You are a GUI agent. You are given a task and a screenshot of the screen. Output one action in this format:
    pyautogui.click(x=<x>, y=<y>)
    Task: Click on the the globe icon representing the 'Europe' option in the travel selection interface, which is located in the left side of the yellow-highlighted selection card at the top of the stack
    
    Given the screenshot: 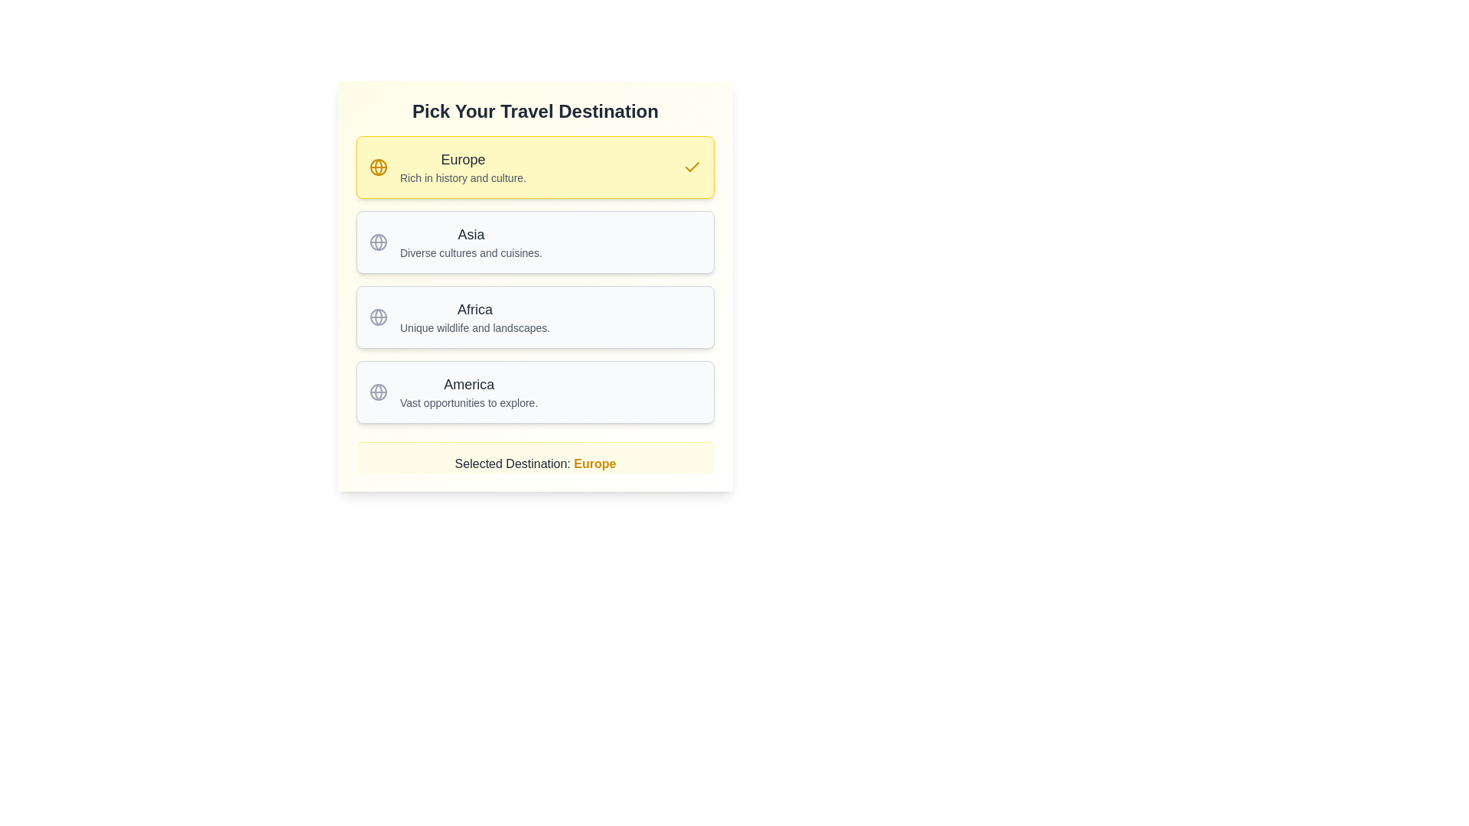 What is the action you would take?
    pyautogui.click(x=378, y=167)
    